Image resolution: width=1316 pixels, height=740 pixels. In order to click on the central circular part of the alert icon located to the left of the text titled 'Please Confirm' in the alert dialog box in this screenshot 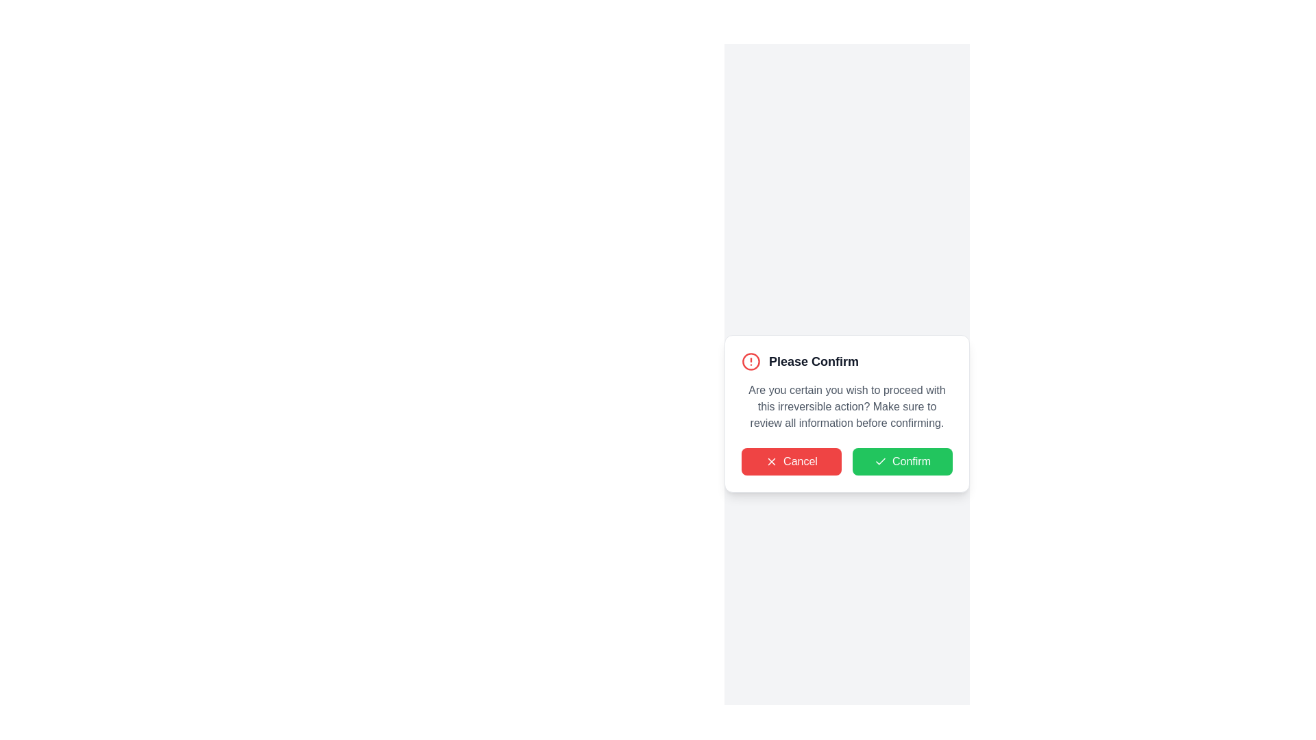, I will do `click(750, 361)`.